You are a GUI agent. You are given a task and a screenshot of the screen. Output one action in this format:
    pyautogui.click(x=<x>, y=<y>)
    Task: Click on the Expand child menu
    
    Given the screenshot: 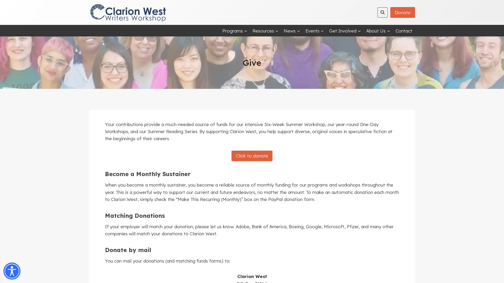 What is the action you would take?
    pyautogui.click(x=345, y=30)
    